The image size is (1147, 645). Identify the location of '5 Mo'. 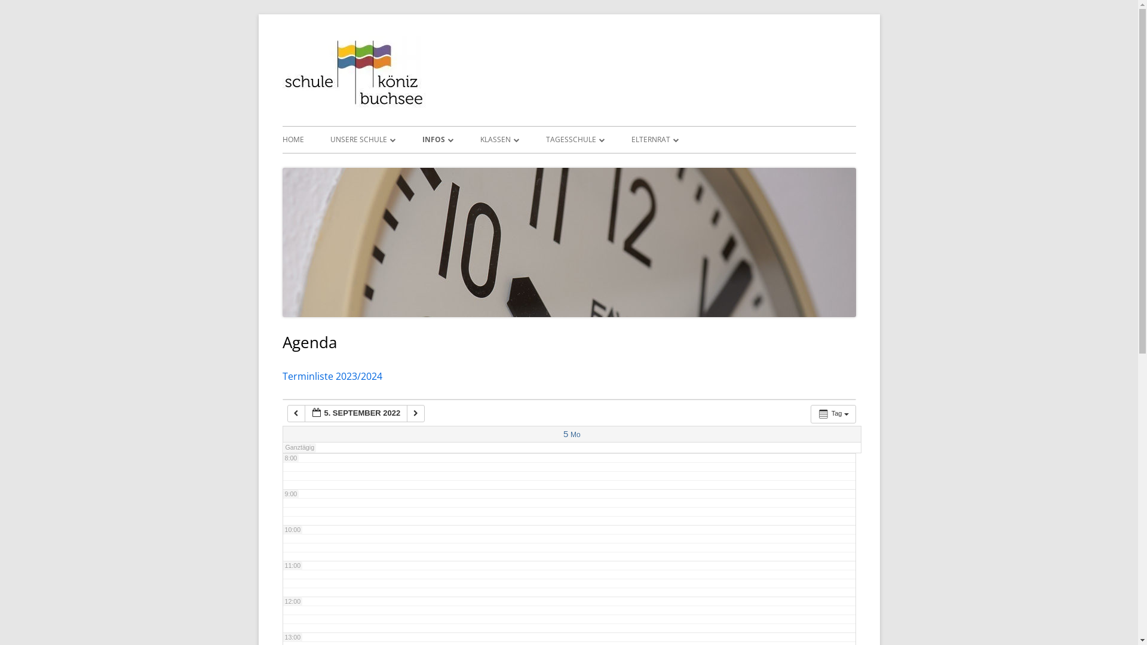
(562, 434).